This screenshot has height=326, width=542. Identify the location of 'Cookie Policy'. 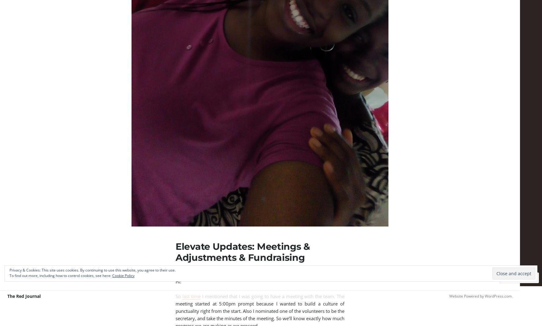
(123, 275).